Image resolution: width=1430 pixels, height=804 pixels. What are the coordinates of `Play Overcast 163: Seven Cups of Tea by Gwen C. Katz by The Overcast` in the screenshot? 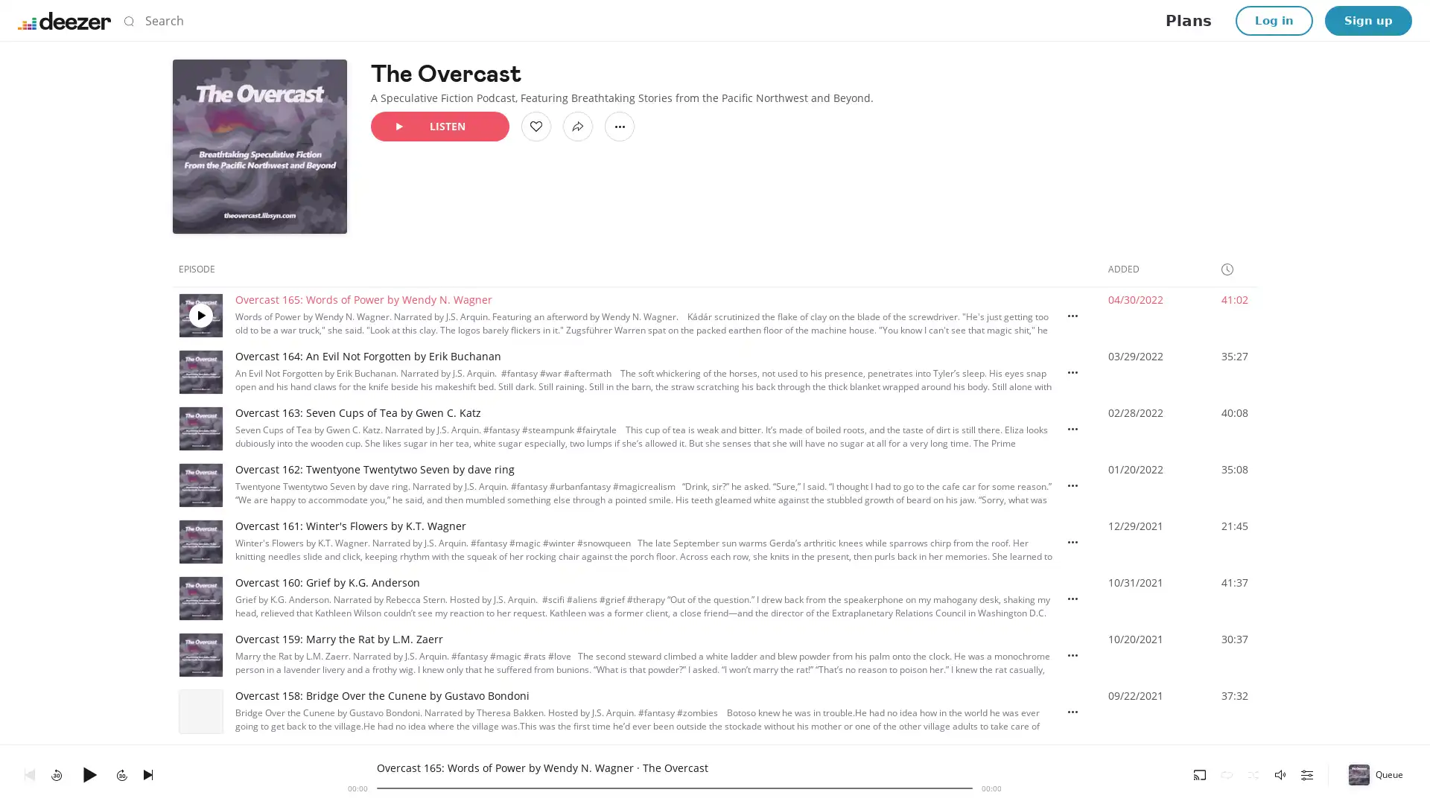 It's located at (200, 428).